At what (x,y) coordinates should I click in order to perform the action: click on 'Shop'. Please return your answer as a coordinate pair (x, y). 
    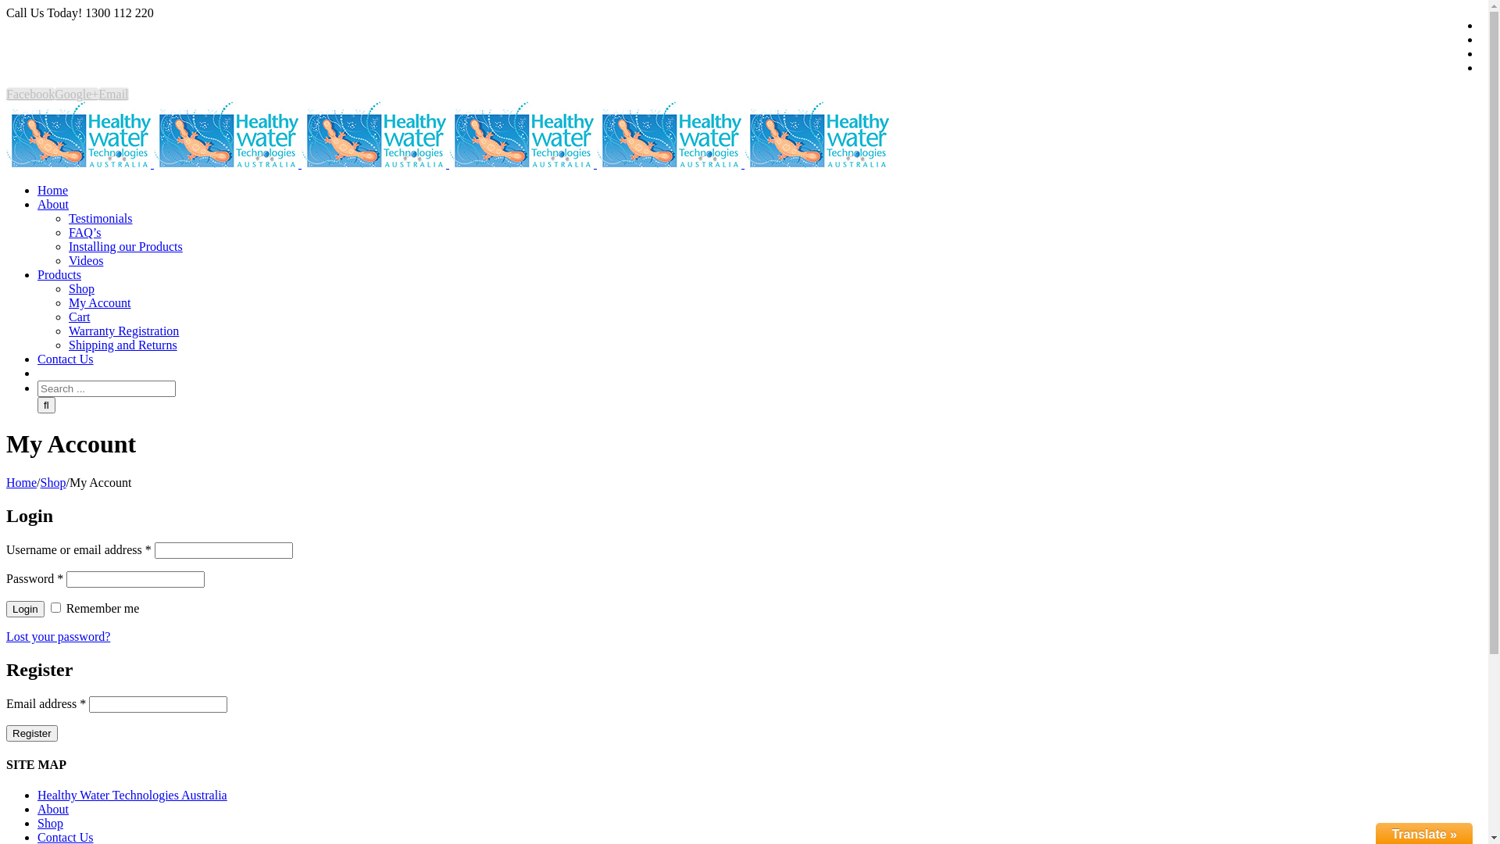
    Looking at the image, I should click on (53, 481).